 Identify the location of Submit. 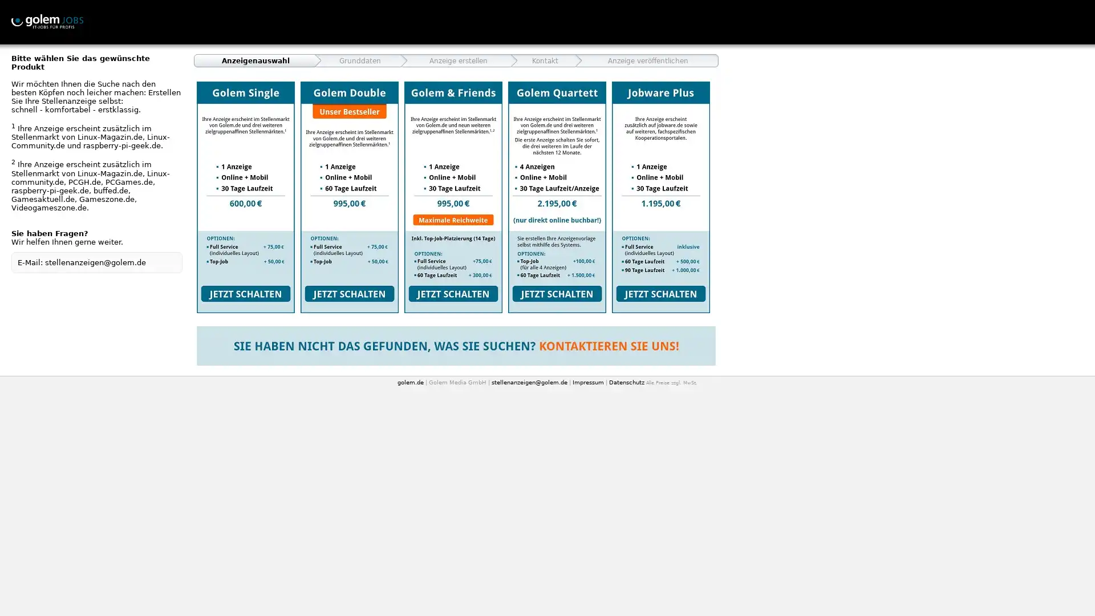
(245, 197).